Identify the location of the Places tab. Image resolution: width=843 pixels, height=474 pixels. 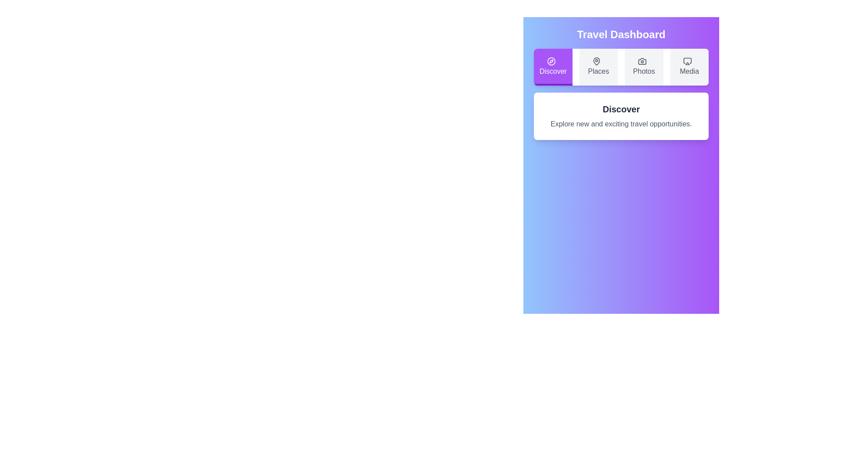
(598, 67).